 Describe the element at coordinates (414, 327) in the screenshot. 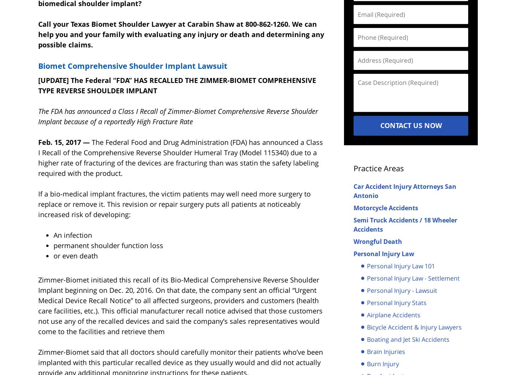

I see `'Bicycle Accident & Injury Lawyers'` at that location.